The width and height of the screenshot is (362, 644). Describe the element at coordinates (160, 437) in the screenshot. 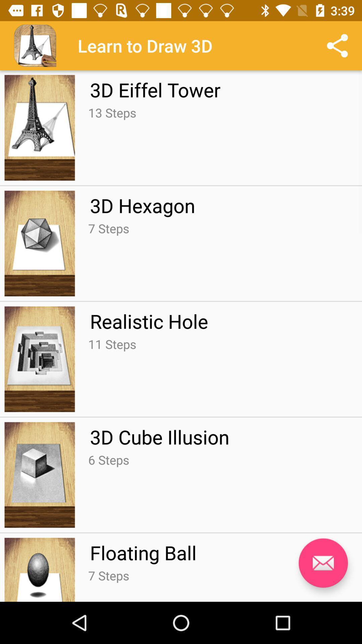

I see `item below the 11 steps app` at that location.